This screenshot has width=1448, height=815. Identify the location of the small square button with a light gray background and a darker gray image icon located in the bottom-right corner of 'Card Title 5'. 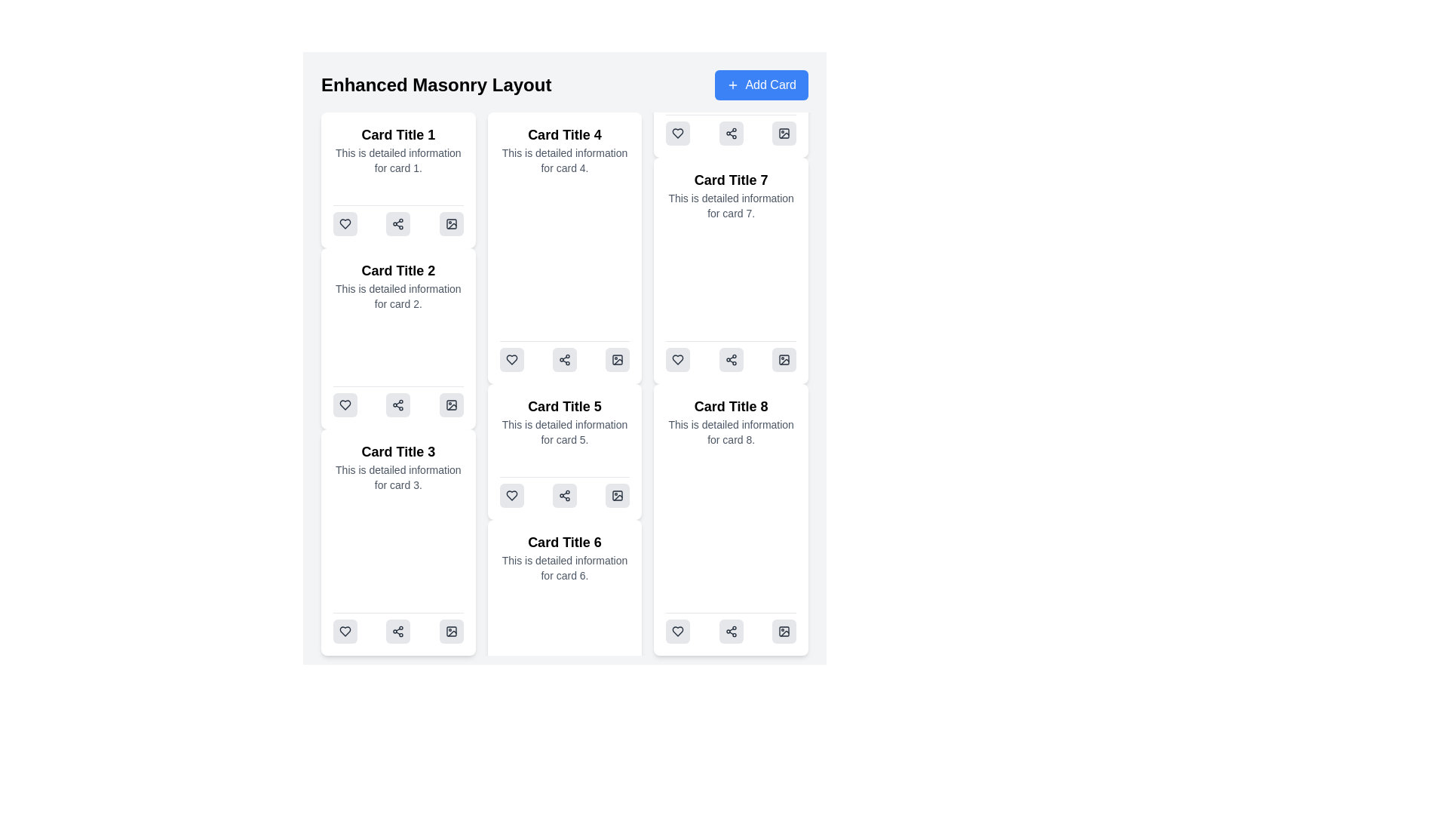
(618, 495).